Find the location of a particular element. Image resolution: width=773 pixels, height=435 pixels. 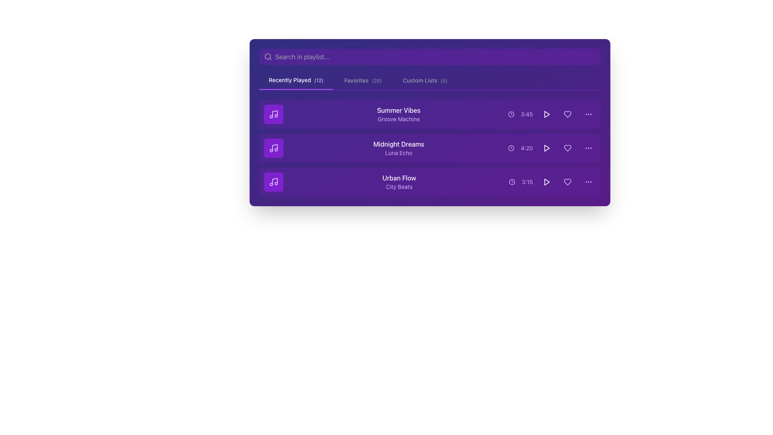

the small textual label displaying the text '(5)' in grayish color next to the 'Custom Lists' tab title is located at coordinates (443, 81).